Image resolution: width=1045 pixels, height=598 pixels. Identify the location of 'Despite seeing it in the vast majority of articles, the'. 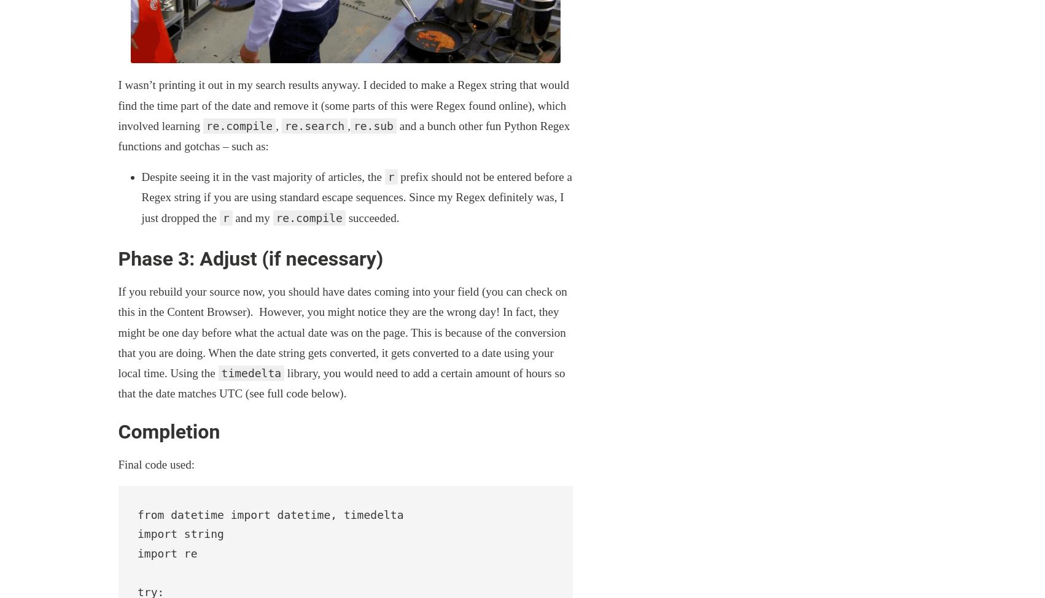
(262, 177).